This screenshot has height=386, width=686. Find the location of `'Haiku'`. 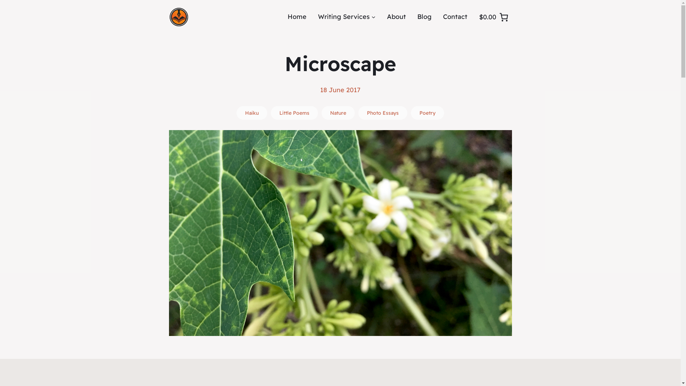

'Haiku' is located at coordinates (252, 113).